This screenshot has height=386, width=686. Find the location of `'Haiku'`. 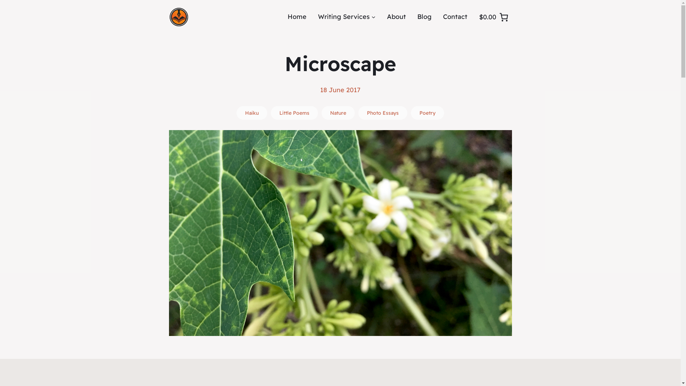

'Haiku' is located at coordinates (252, 113).